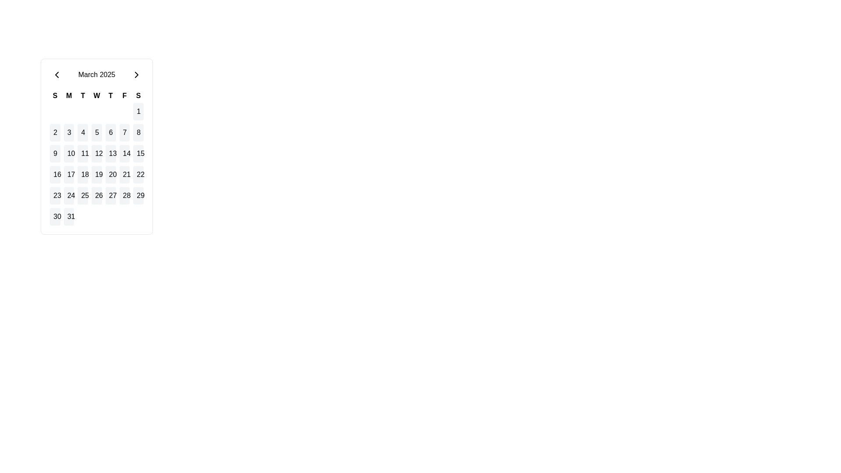 The image size is (841, 473). What do you see at coordinates (83, 195) in the screenshot?
I see `the button representing the 25th day of the month in the calendar` at bounding box center [83, 195].